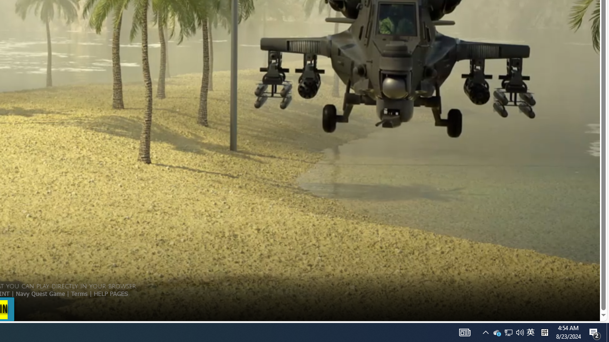 The height and width of the screenshot is (342, 609). I want to click on 'Terms', so click(79, 293).